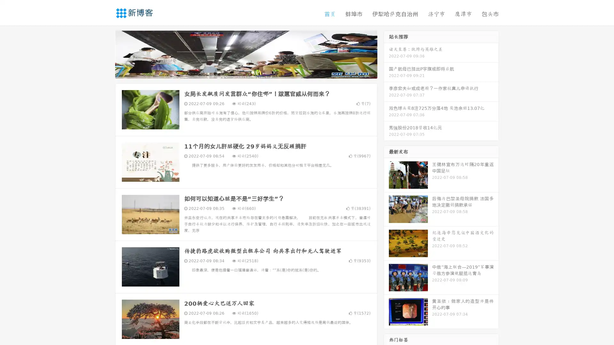 This screenshot has width=614, height=345. Describe the element at coordinates (106, 54) in the screenshot. I see `Previous slide` at that location.